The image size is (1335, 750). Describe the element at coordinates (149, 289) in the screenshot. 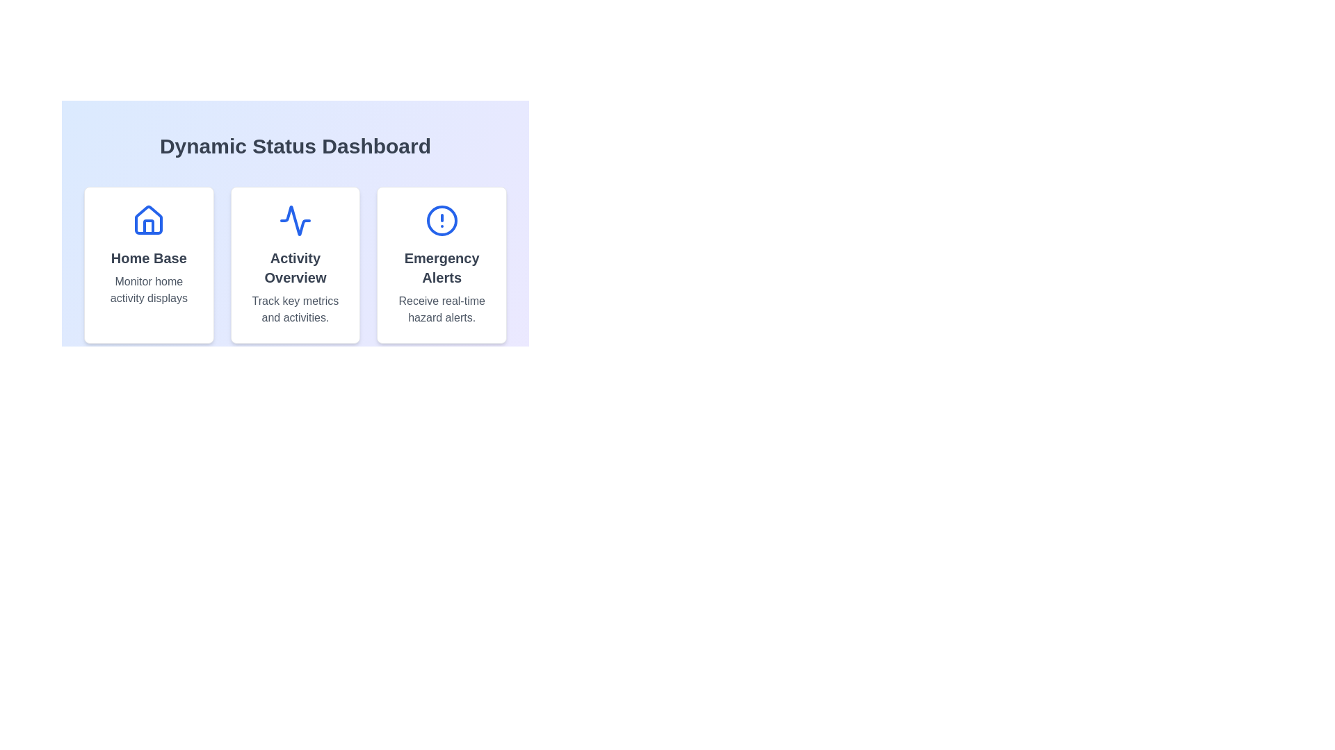

I see `text label displaying 'Monitor home activity displays', which is styled in gray and positioned below the 'Home Base' title within the 'Dynamic Status Dashboard'` at that location.